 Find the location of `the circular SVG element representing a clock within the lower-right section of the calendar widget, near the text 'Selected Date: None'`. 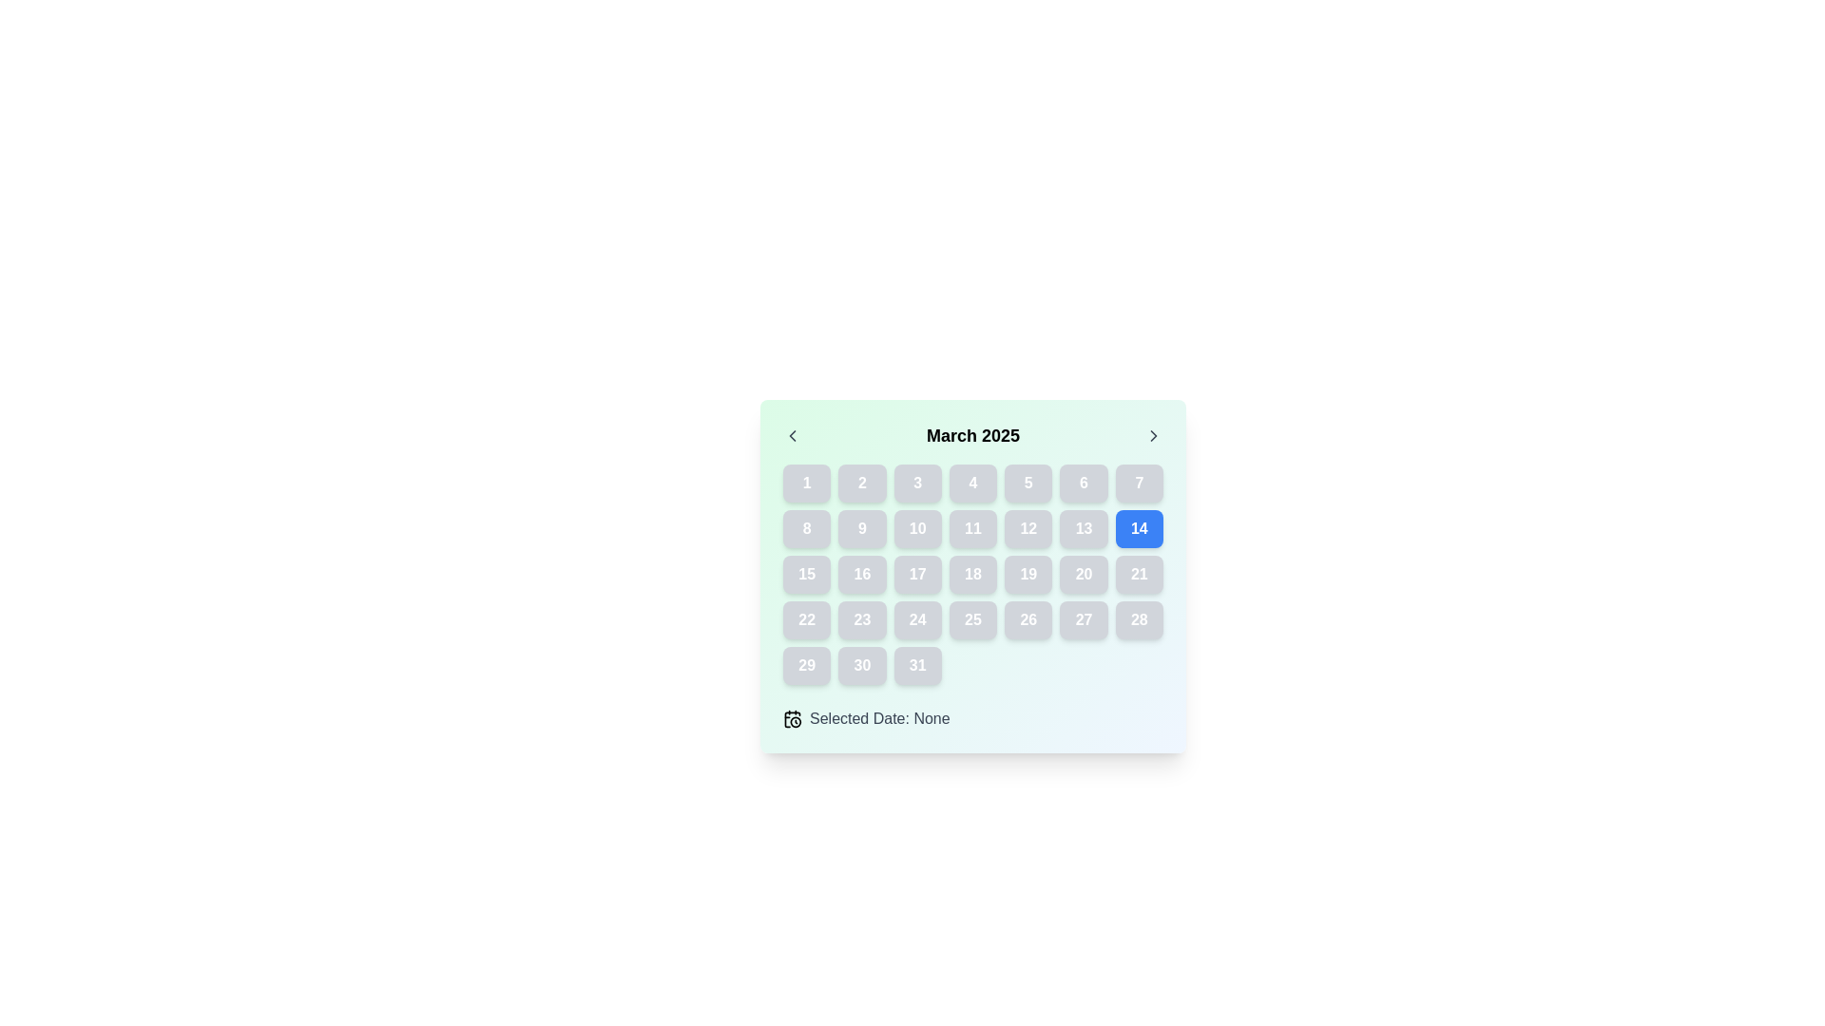

the circular SVG element representing a clock within the lower-right section of the calendar widget, near the text 'Selected Date: None' is located at coordinates (796, 722).